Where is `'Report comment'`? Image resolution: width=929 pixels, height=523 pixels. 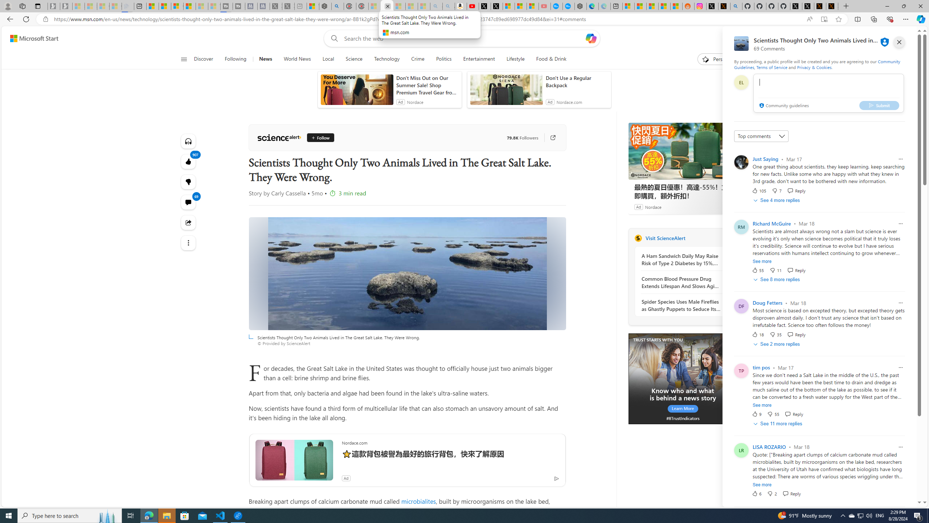 'Report comment' is located at coordinates (900, 446).